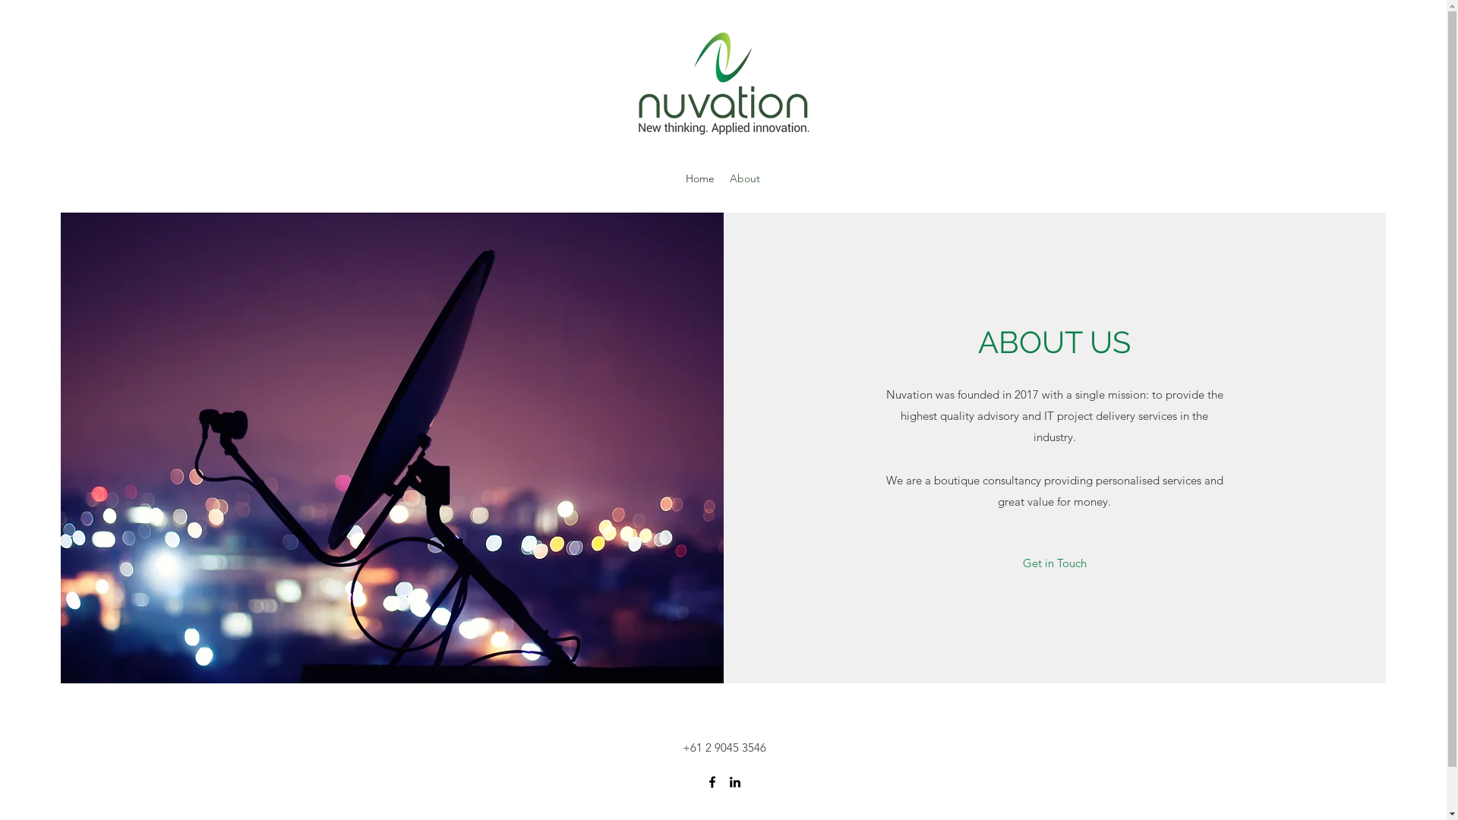 Image resolution: width=1458 pixels, height=820 pixels. Describe the element at coordinates (677, 178) in the screenshot. I see `'Home'` at that location.